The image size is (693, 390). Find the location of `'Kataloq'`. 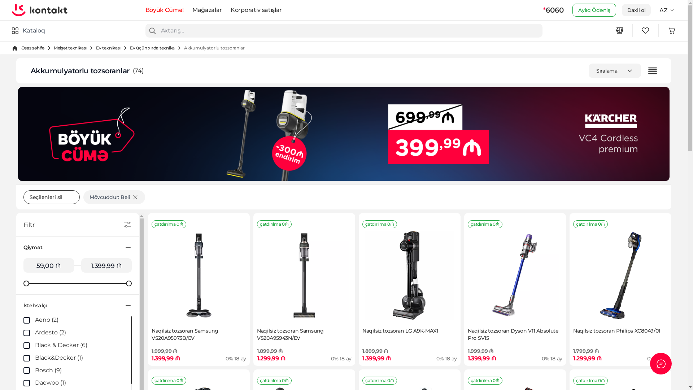

'Kataloq' is located at coordinates (28, 30).